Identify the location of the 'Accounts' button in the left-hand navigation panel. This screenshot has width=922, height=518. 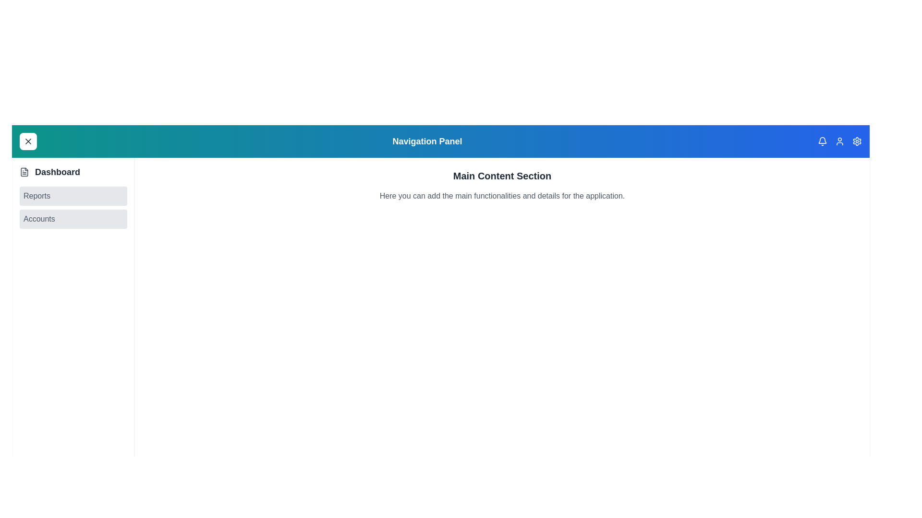
(73, 219).